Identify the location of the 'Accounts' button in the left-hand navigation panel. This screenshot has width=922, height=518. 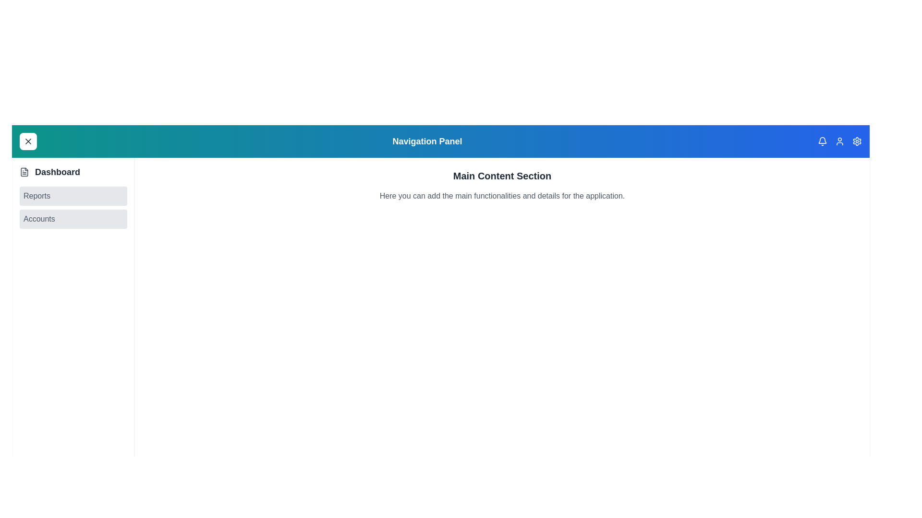
(73, 219).